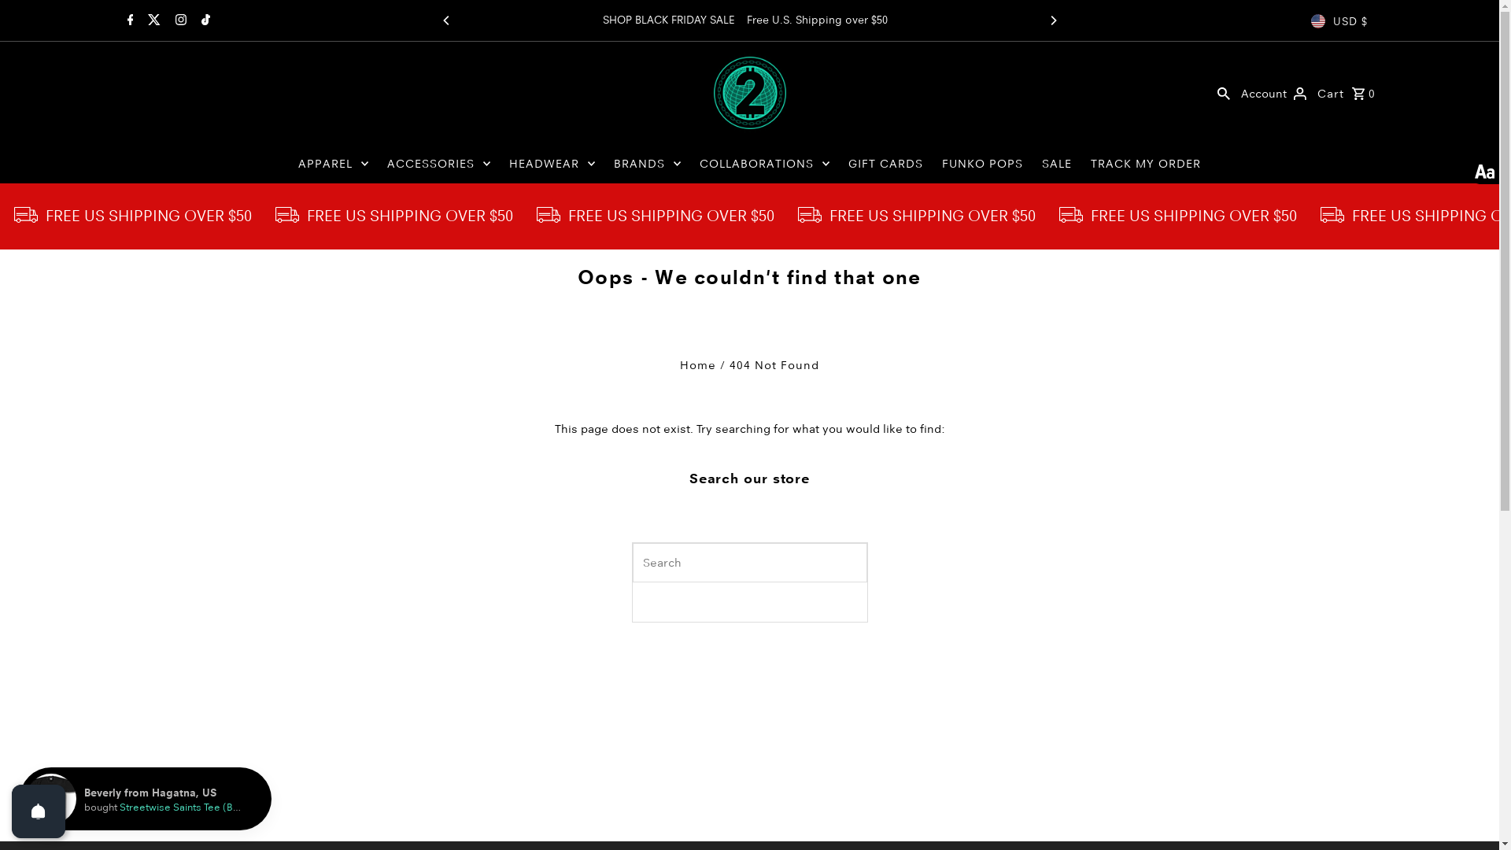 The width and height of the screenshot is (1511, 850). Describe the element at coordinates (1057, 164) in the screenshot. I see `'SALE'` at that location.